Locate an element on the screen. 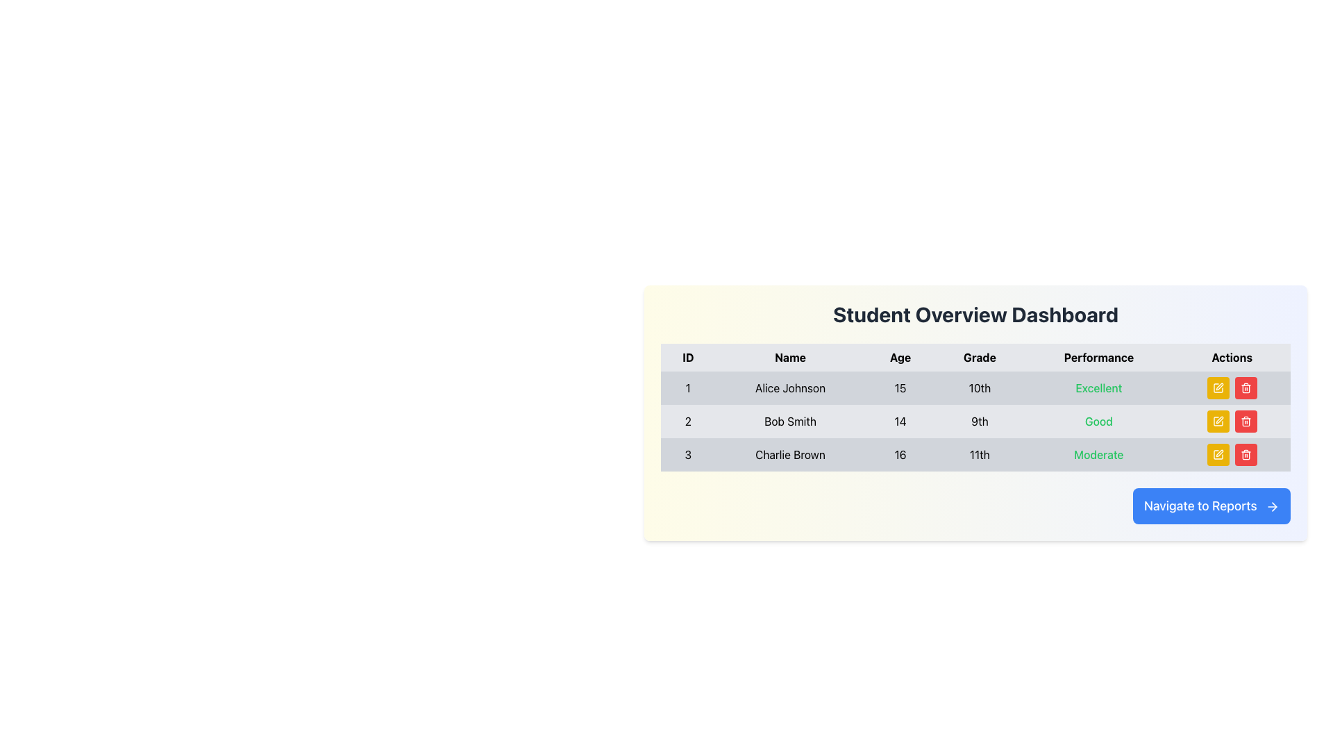 The width and height of the screenshot is (1333, 750). information provided in the first row of the 'Student Overview Dashboard' table, which includes details such as ID, Name, Age, Grade, and Performance is located at coordinates (975, 388).